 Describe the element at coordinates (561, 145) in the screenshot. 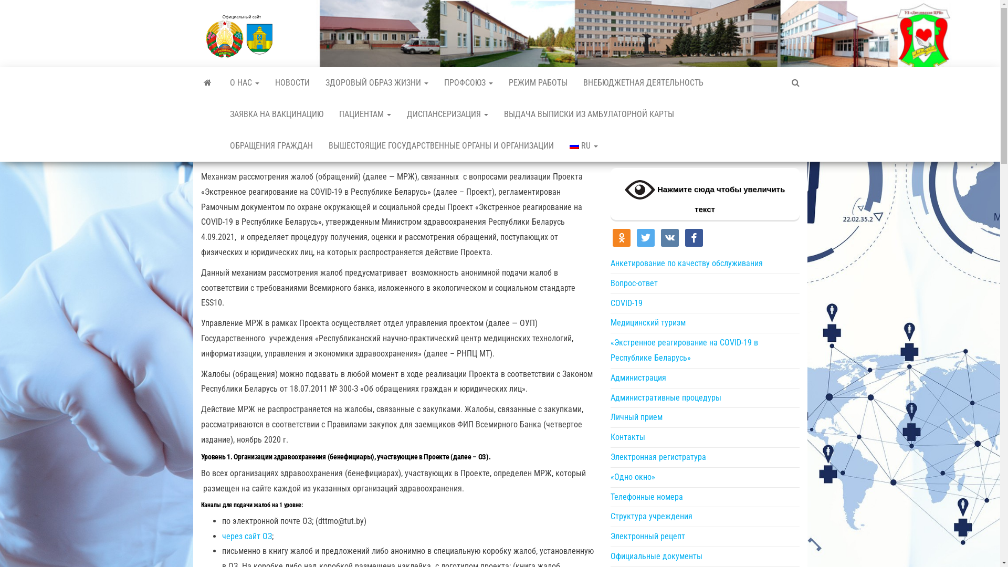

I see `'RU'` at that location.